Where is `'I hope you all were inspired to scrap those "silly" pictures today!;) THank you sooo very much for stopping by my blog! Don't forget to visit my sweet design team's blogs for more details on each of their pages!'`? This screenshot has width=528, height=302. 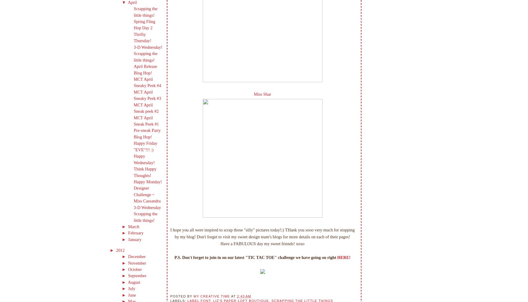 'I hope you all were inspired to scrap those "silly" pictures today!;) THank you sooo very much for stopping by my blog! Don't forget to visit my sweet design team's blogs for more details on each of their pages!' is located at coordinates (170, 233).